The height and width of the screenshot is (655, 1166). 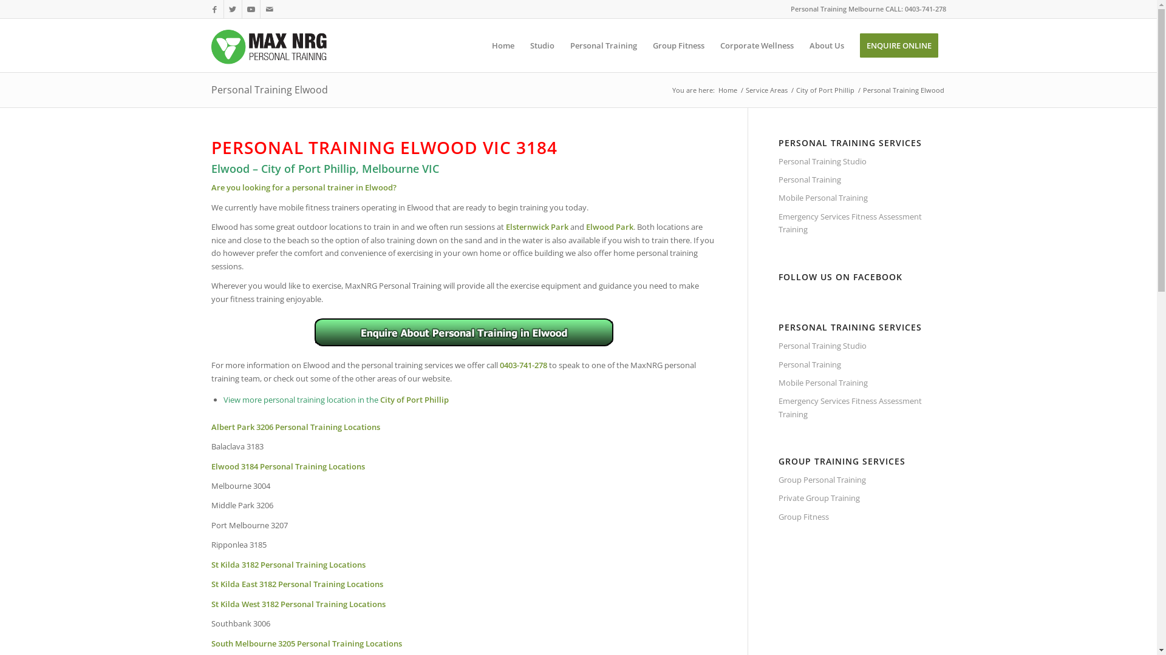 I want to click on 'Facebook', so click(x=214, y=9).